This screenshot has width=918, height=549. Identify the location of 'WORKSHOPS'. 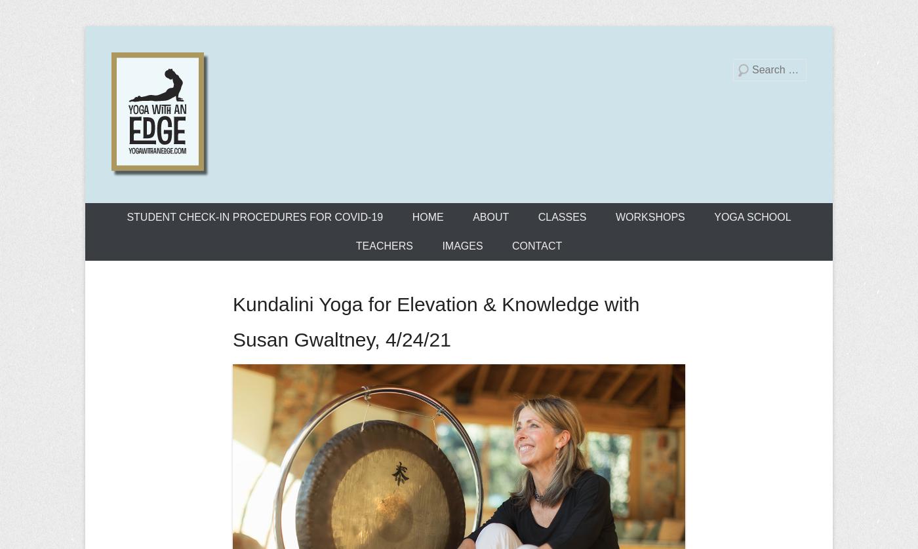
(650, 216).